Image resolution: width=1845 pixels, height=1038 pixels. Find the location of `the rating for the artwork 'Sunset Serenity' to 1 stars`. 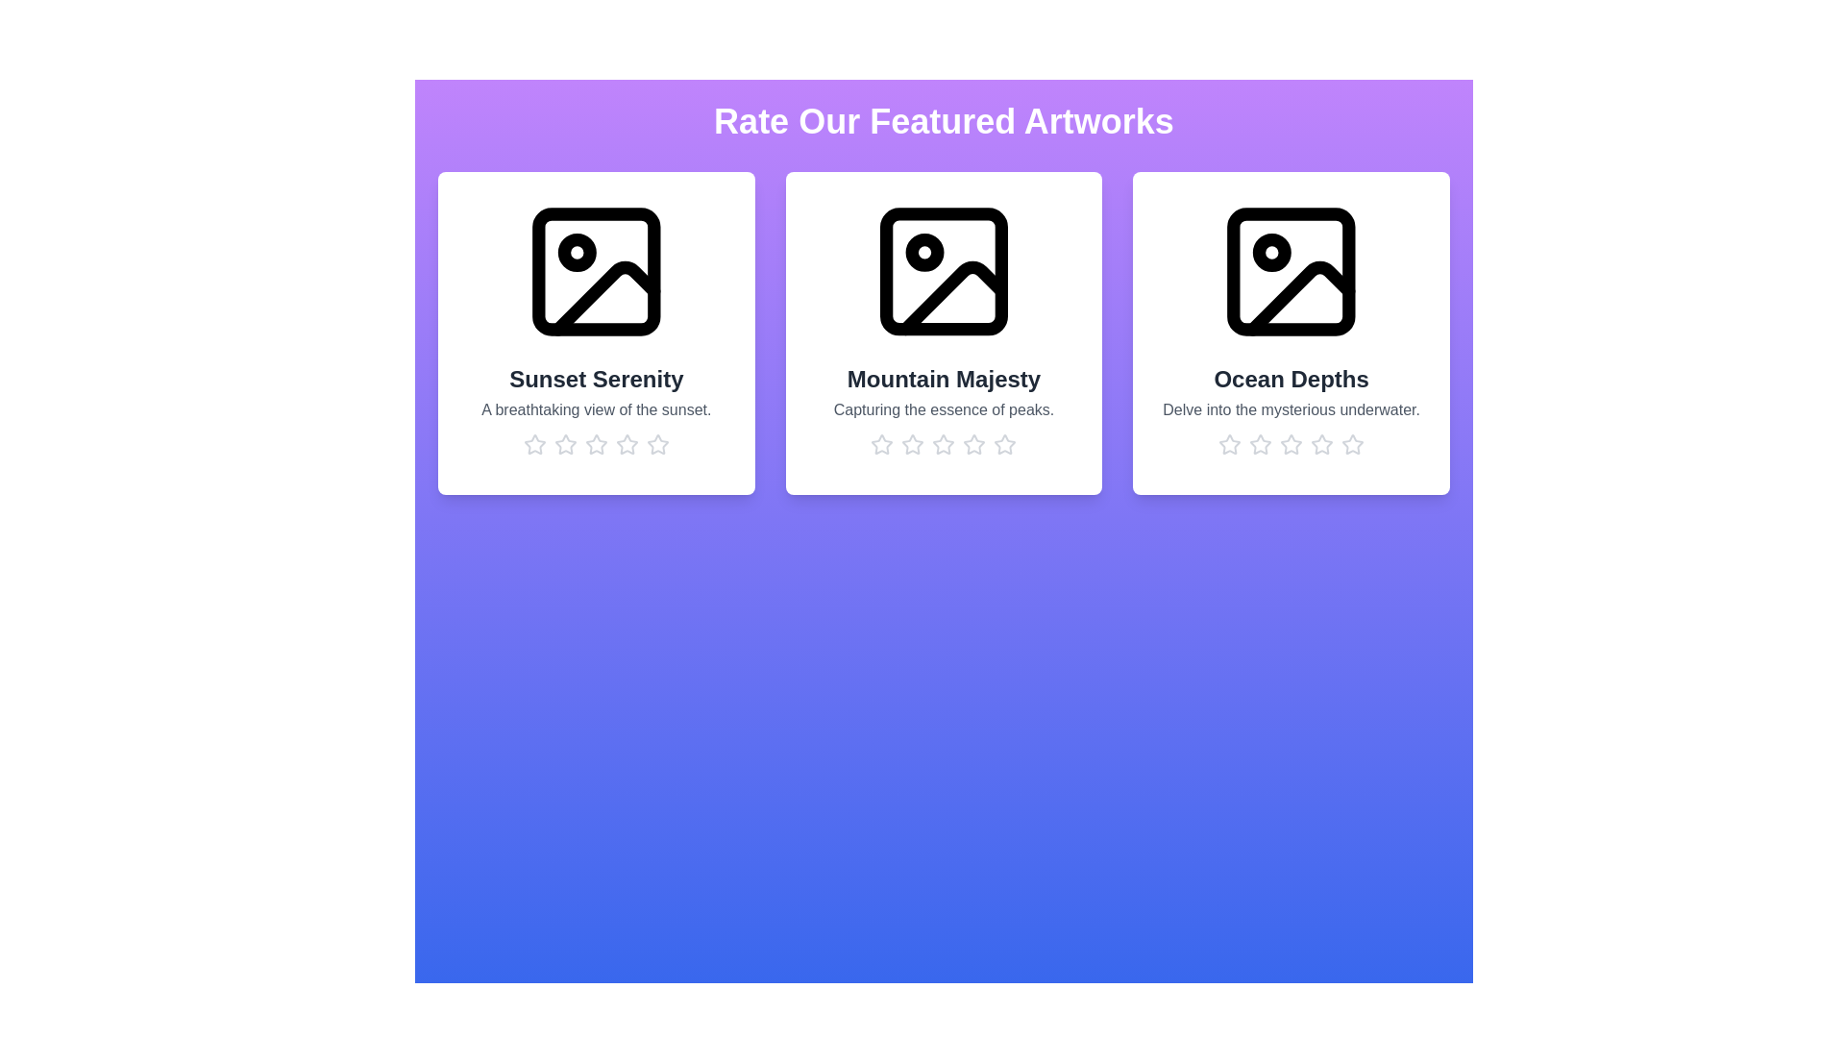

the rating for the artwork 'Sunset Serenity' to 1 stars is located at coordinates (534, 444).